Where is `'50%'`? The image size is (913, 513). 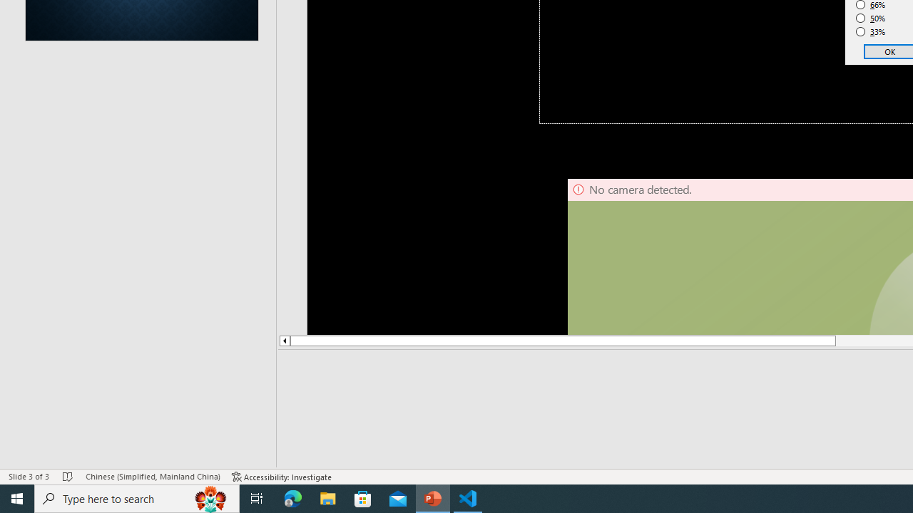
'50%' is located at coordinates (870, 18).